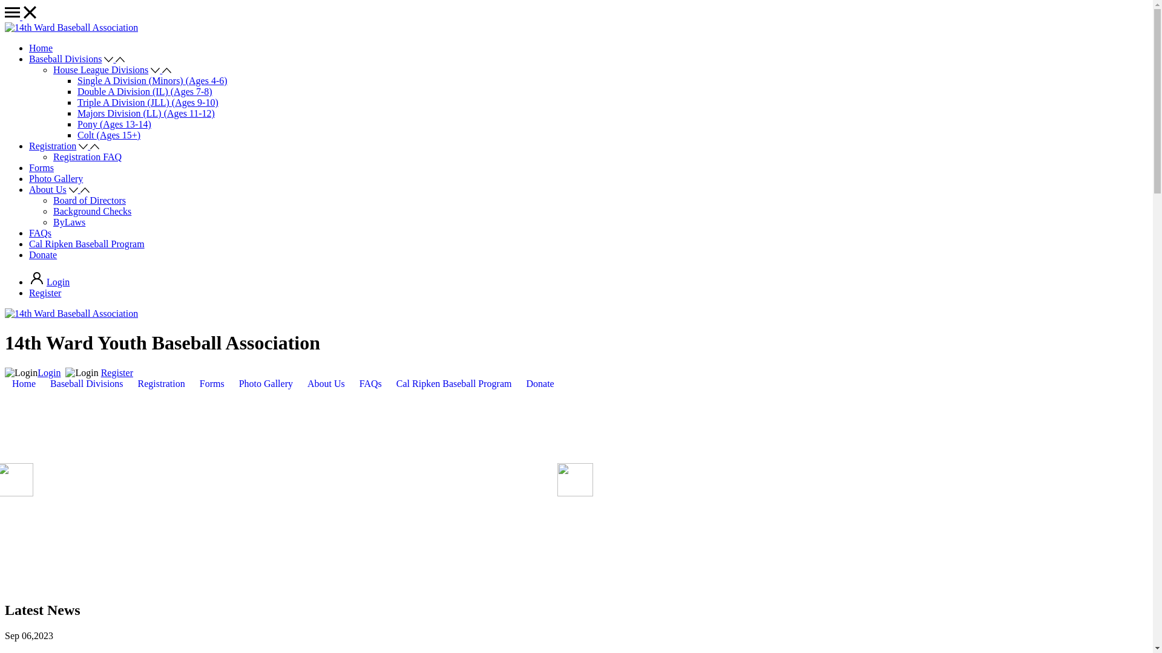 The image size is (1162, 653). Describe the element at coordinates (86, 244) in the screenshot. I see `'Cal Ripken Baseball Program'` at that location.